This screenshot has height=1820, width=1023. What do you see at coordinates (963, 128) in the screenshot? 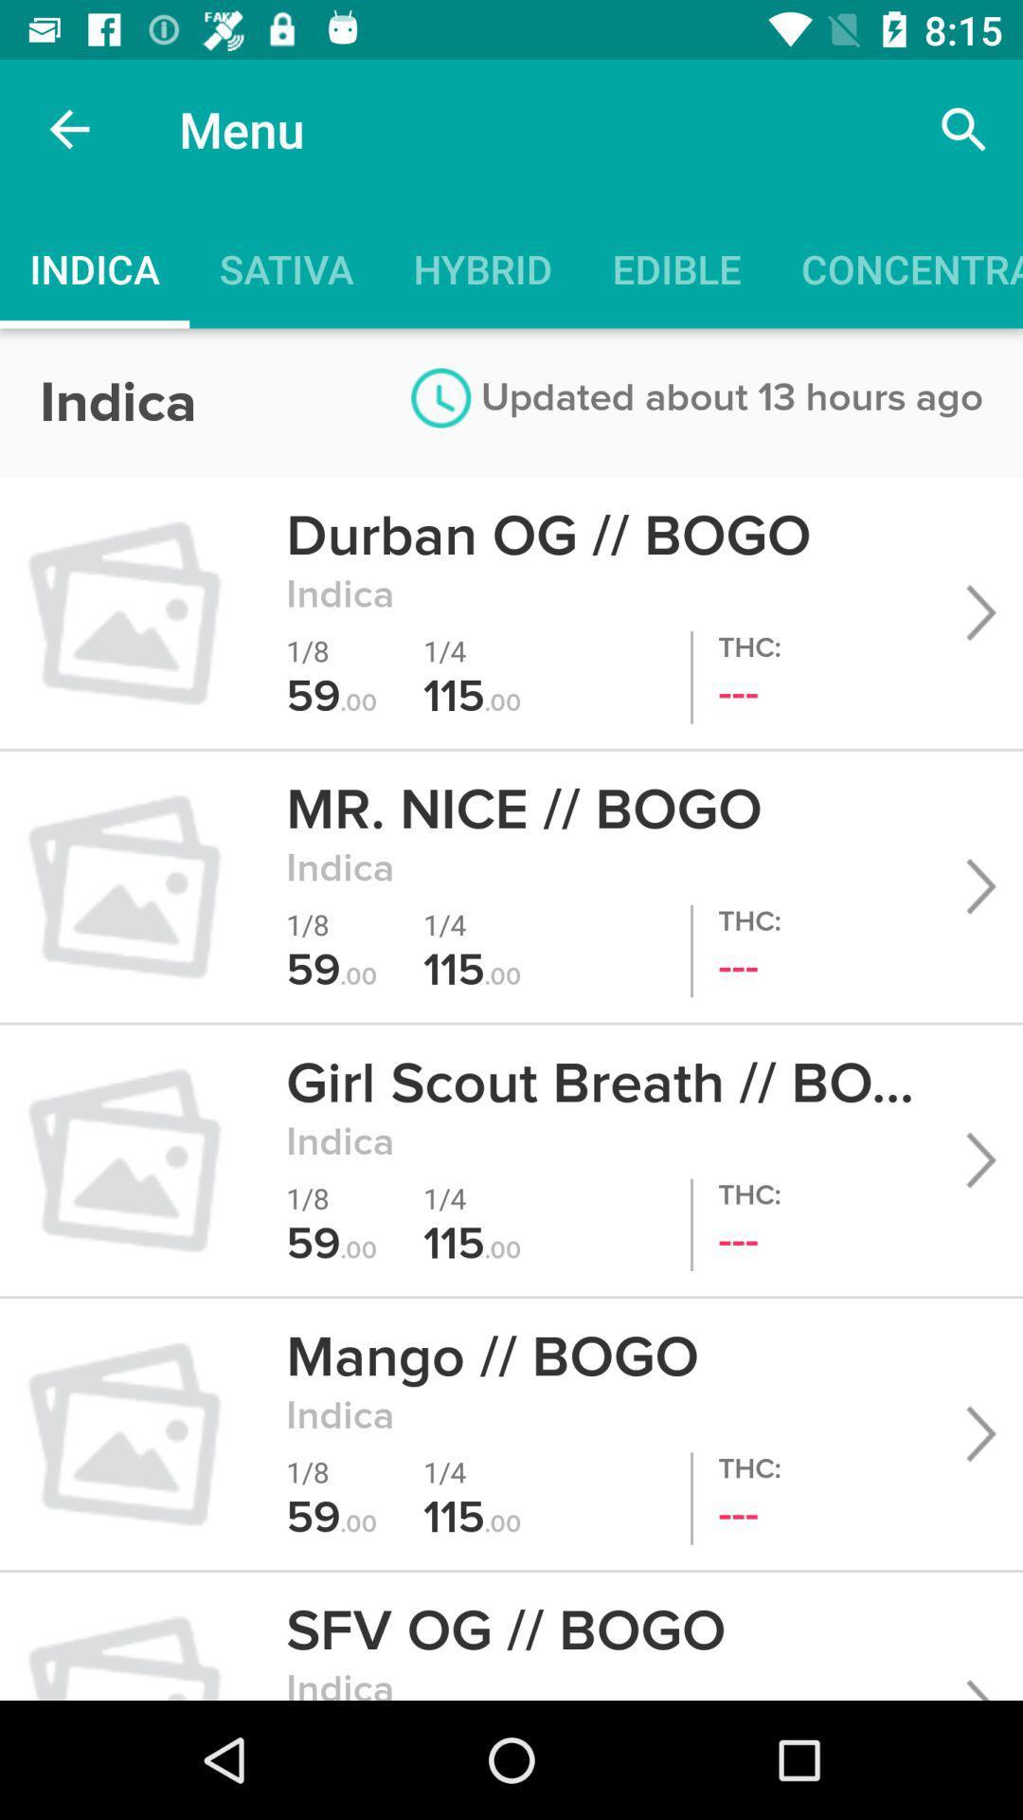
I see `the icon to the right of menu` at bounding box center [963, 128].